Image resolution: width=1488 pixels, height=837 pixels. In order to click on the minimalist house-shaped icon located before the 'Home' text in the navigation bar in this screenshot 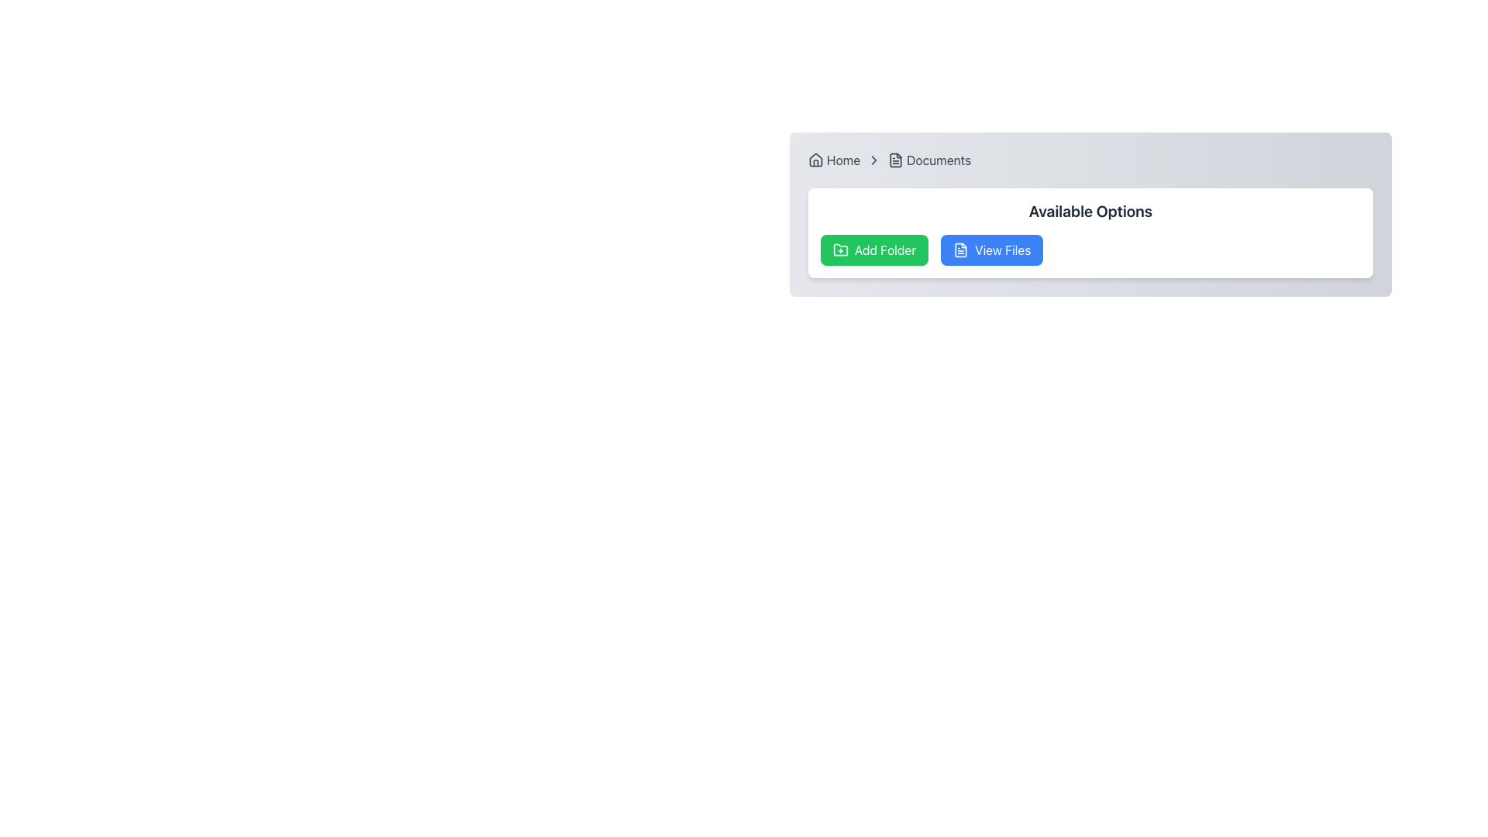, I will do `click(815, 160)`.